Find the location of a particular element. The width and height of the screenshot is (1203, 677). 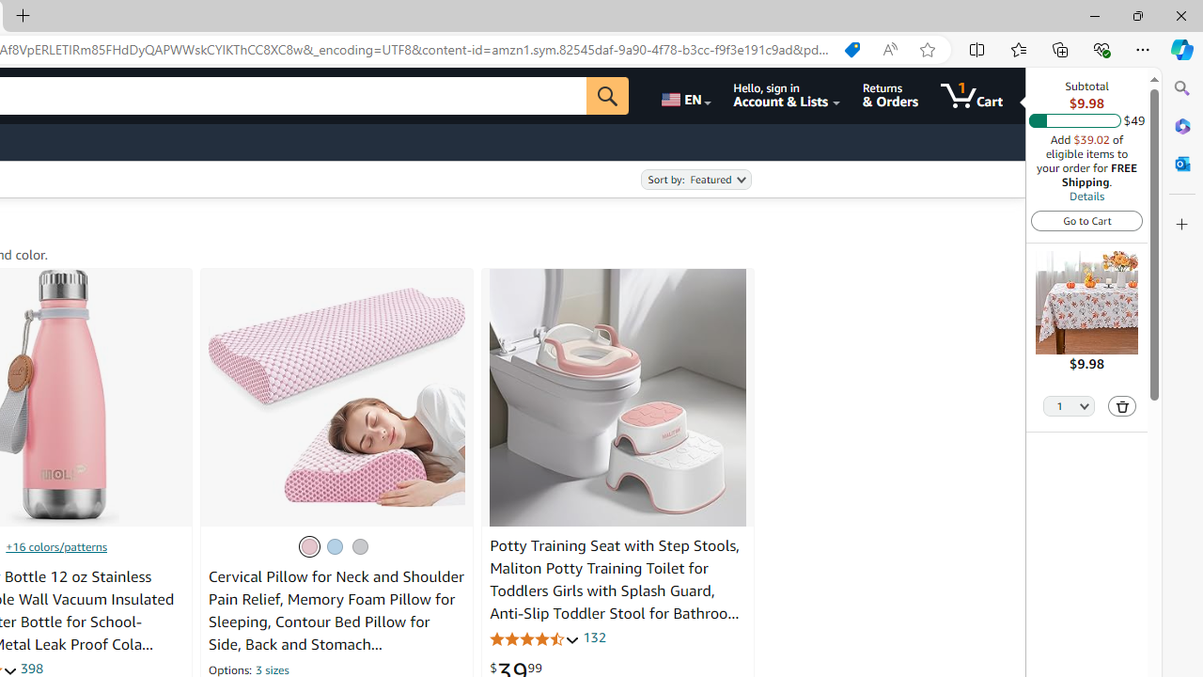

'Blue' is located at coordinates (334, 545).